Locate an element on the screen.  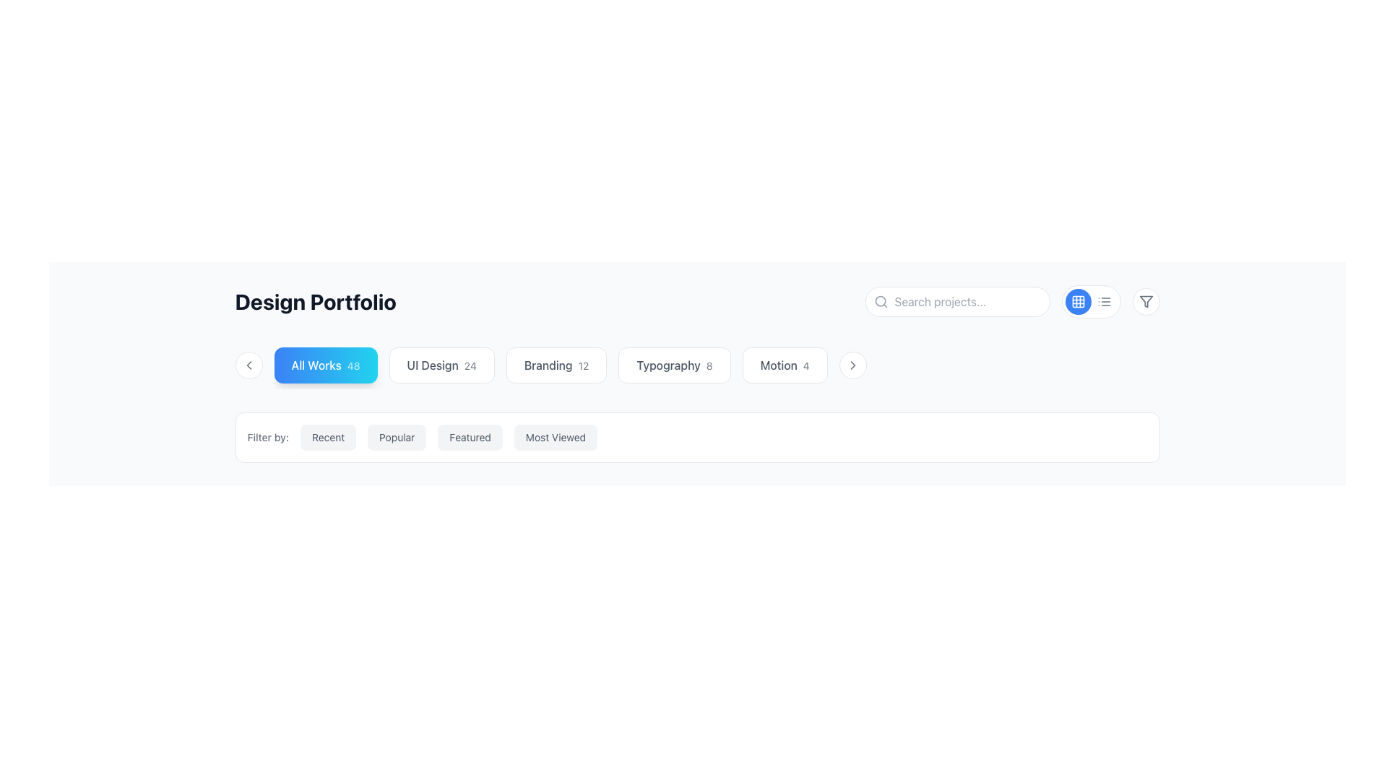
the icon button located near the top right corner of the interface is located at coordinates (1103, 300).